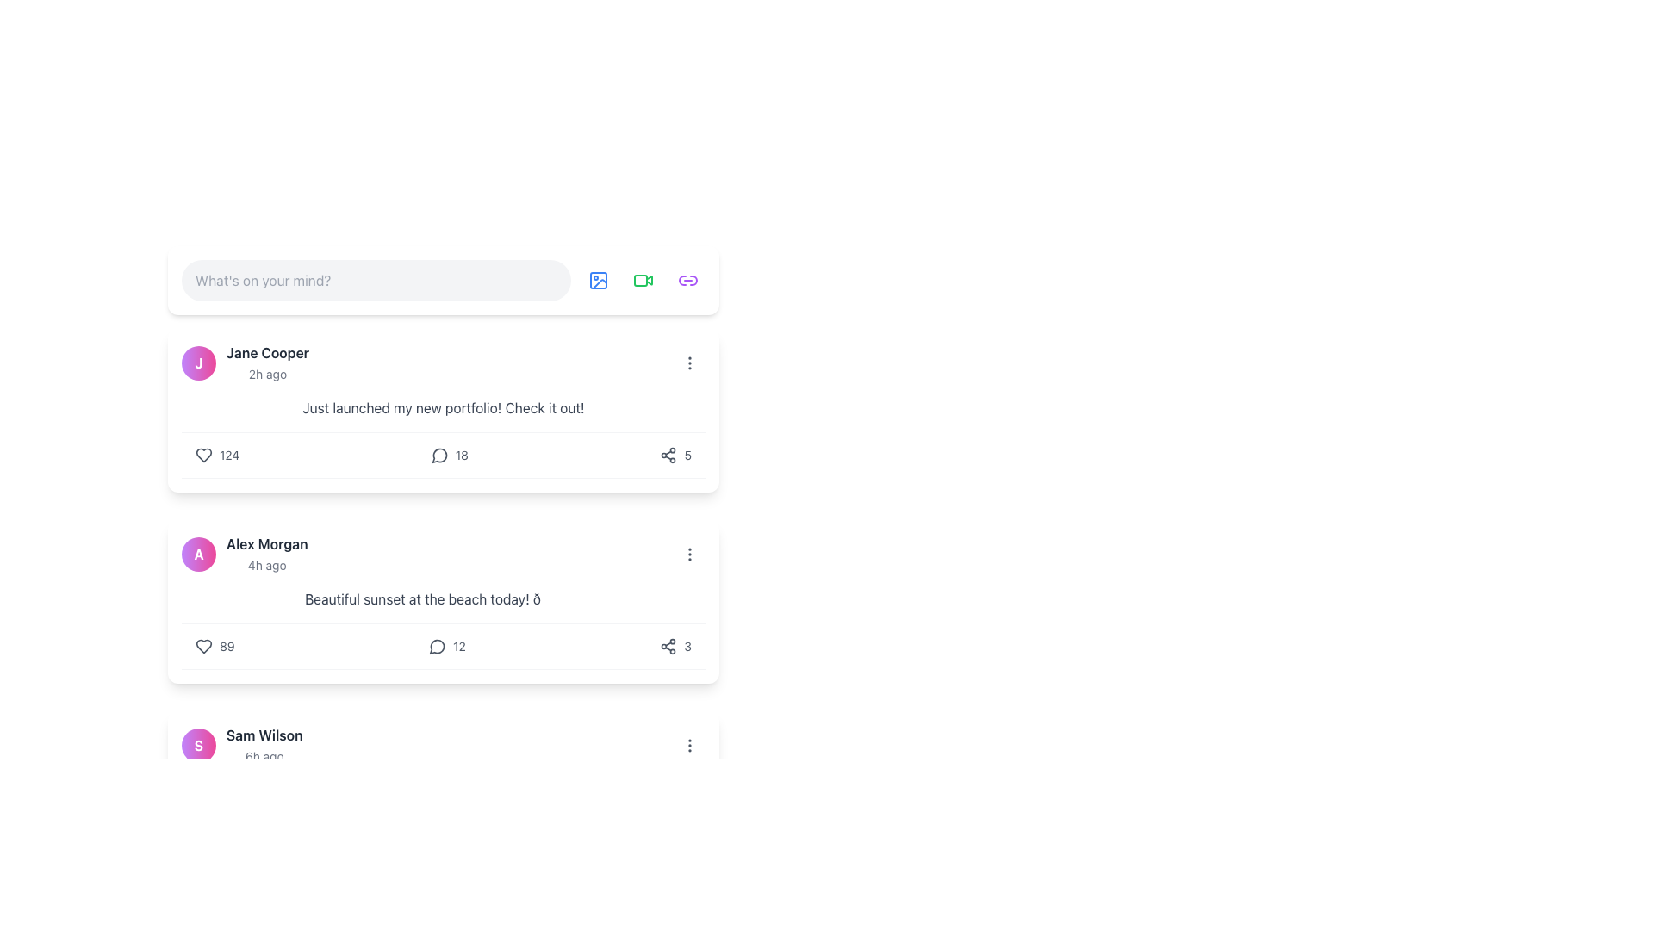 This screenshot has width=1654, height=930. Describe the element at coordinates (690, 555) in the screenshot. I see `the Icon Button located in the middle-right area of the second post` at that location.